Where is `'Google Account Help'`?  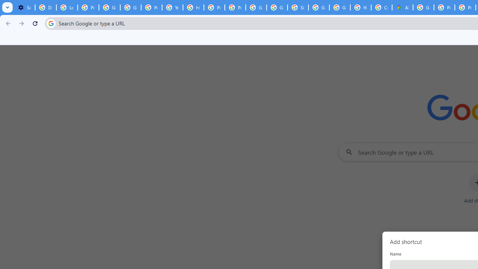 'Google Account Help' is located at coordinates (109, 7).